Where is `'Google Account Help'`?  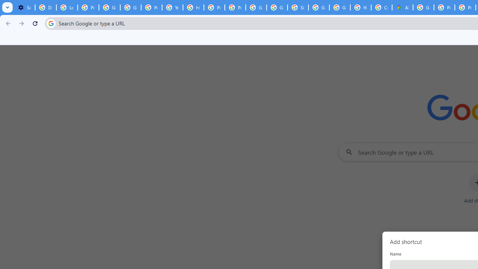 'Google Account Help' is located at coordinates (109, 7).